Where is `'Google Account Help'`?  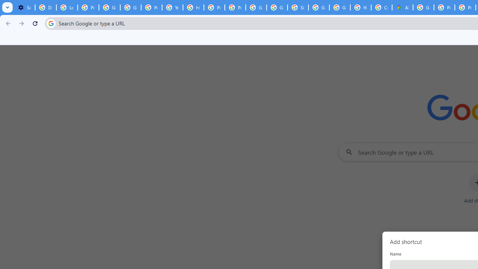 'Google Account Help' is located at coordinates (109, 7).